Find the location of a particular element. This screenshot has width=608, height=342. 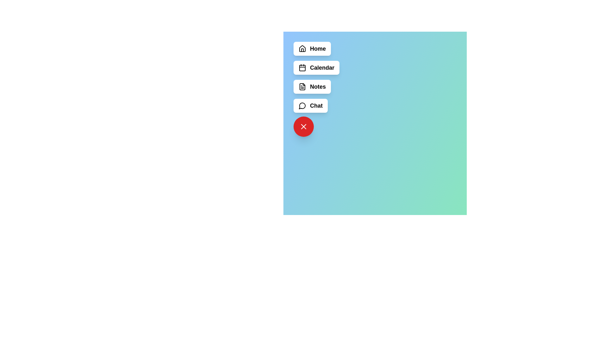

the menu item labeled Chat is located at coordinates (310, 105).